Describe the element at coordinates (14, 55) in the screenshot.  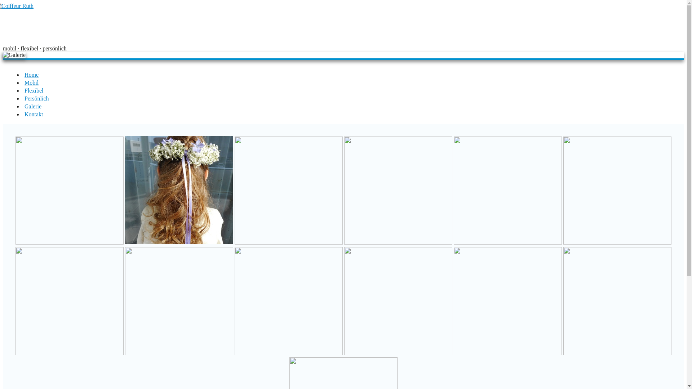
I see `'Galerie'` at that location.